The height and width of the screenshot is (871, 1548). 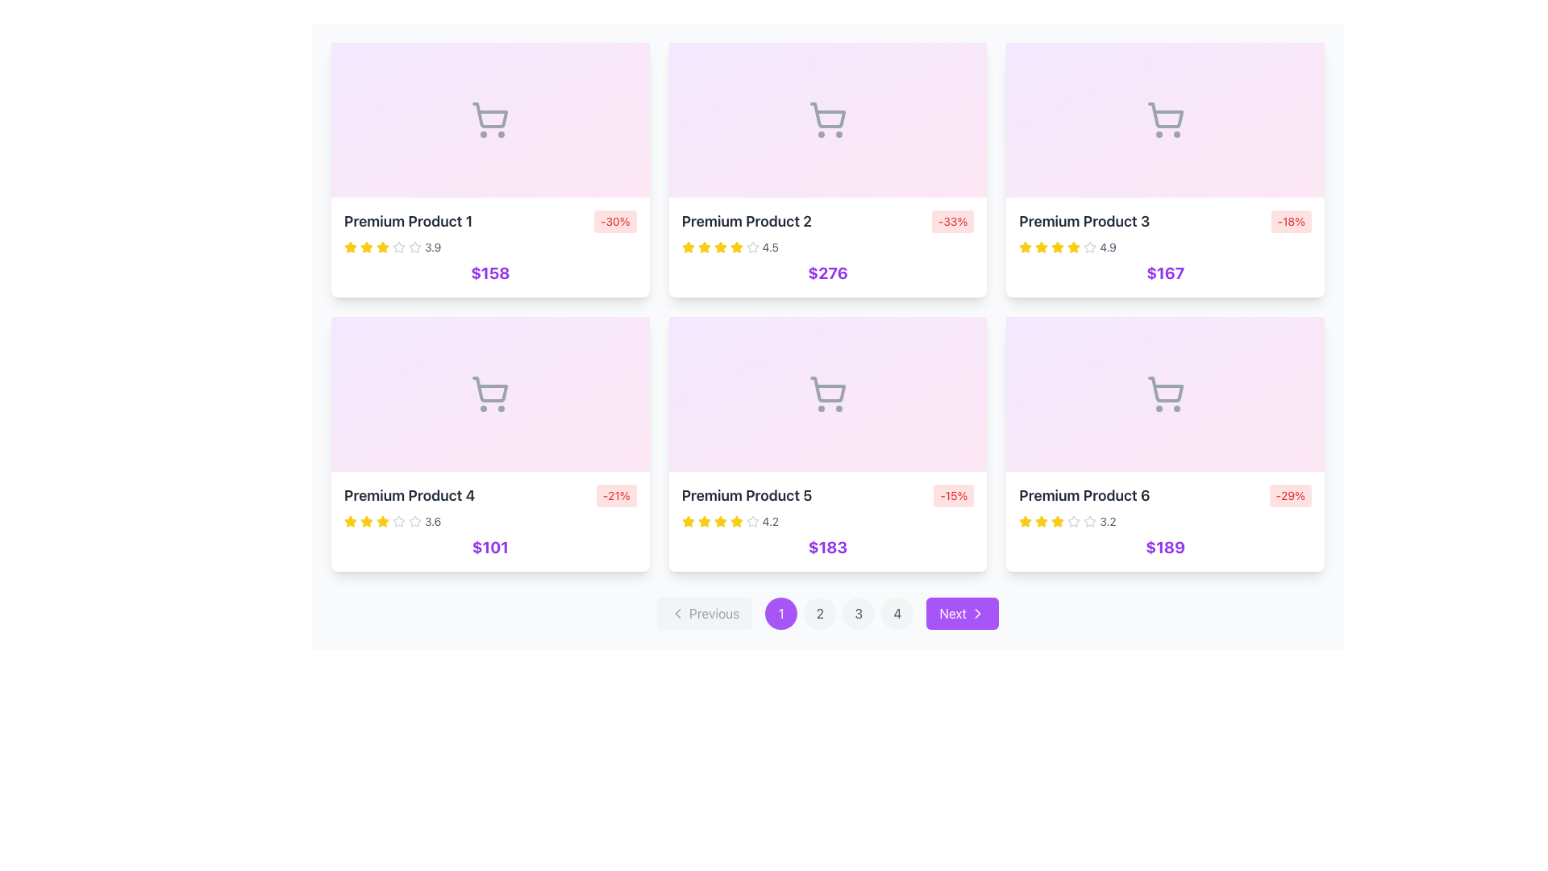 I want to click on the filled yellow star icon indicating the active rating for 'Premium Product 1' in the top-left corner of the product grid, so click(x=366, y=247).